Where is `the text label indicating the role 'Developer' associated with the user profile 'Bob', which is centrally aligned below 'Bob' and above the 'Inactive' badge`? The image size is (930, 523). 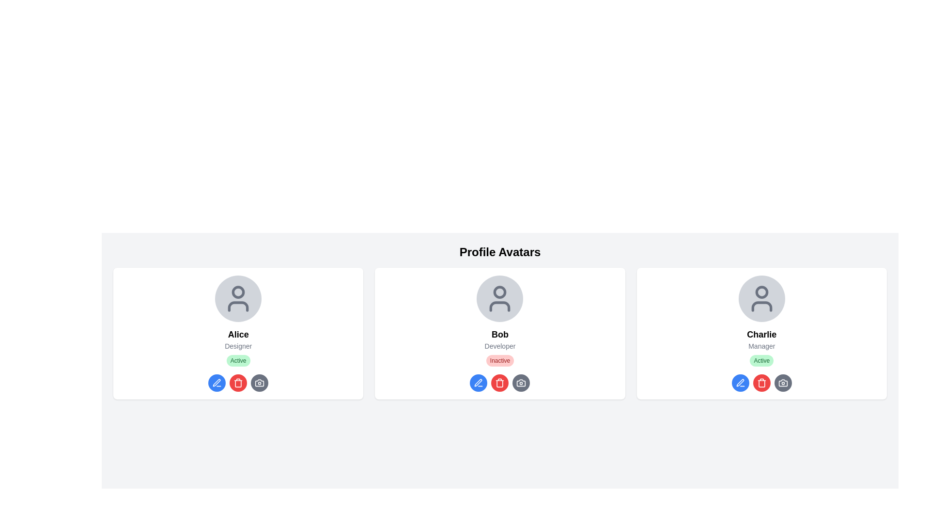 the text label indicating the role 'Developer' associated with the user profile 'Bob', which is centrally aligned below 'Bob' and above the 'Inactive' badge is located at coordinates (500, 345).